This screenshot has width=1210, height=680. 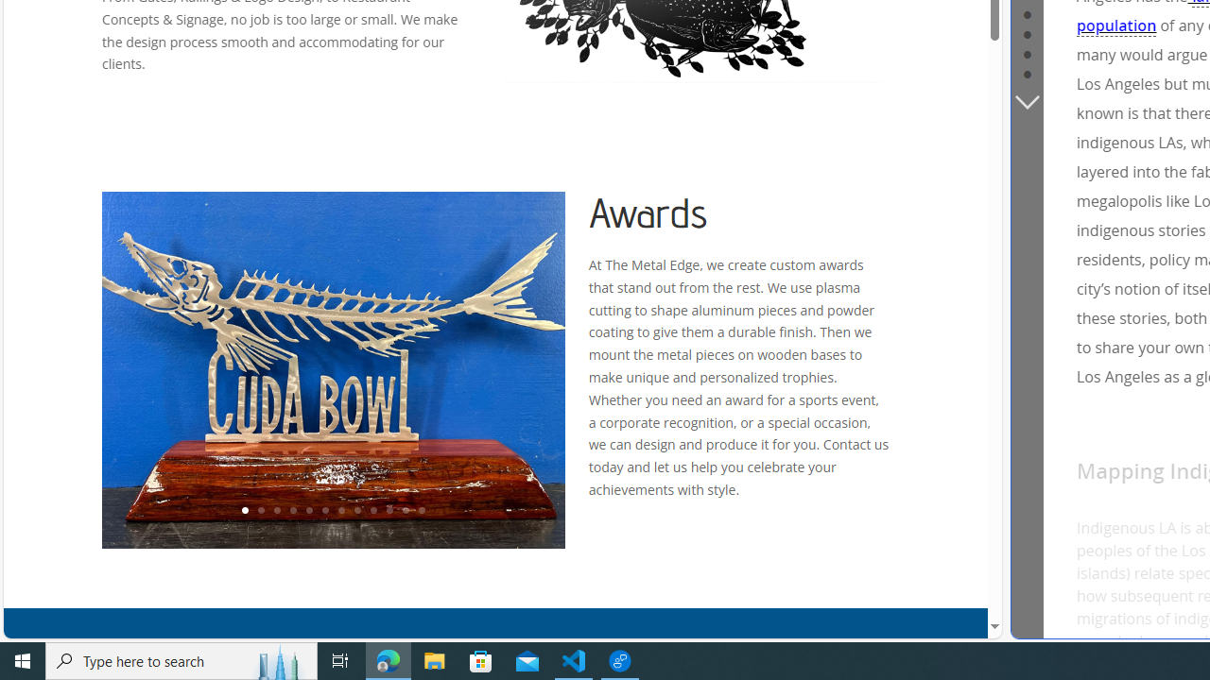 What do you see at coordinates (291, 511) in the screenshot?
I see `'4'` at bounding box center [291, 511].